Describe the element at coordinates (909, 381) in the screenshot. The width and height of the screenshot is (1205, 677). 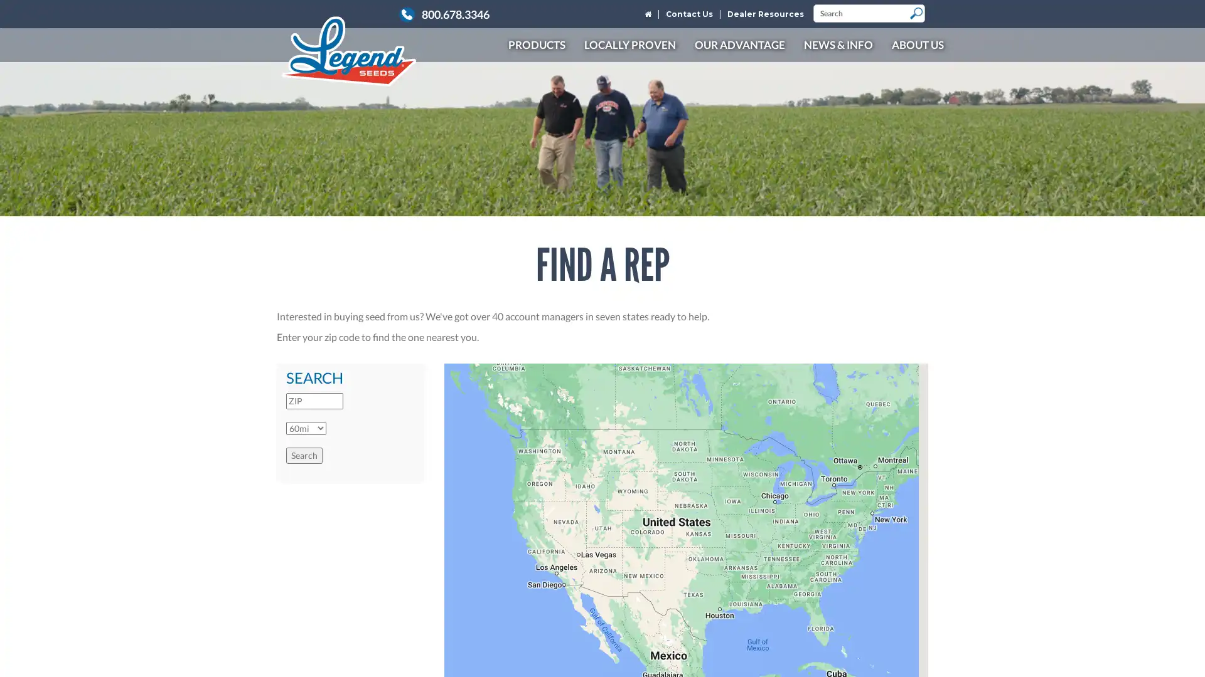
I see `Toggle fullscreen view` at that location.